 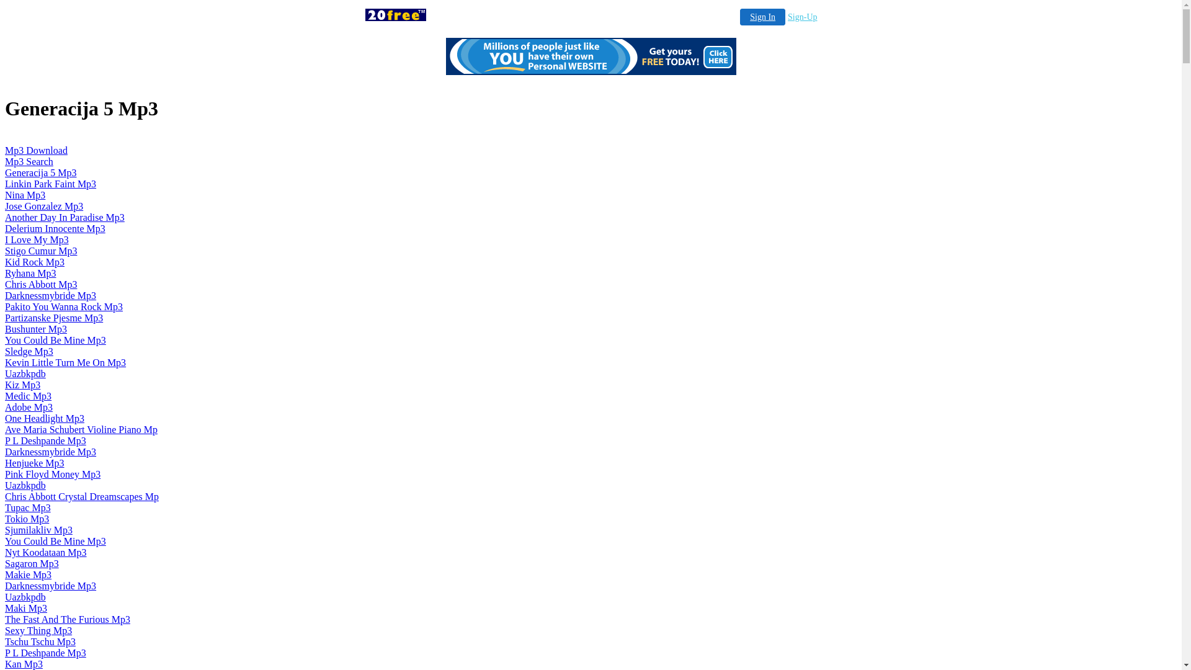 I want to click on 'Sagaron Mp3', so click(x=32, y=563).